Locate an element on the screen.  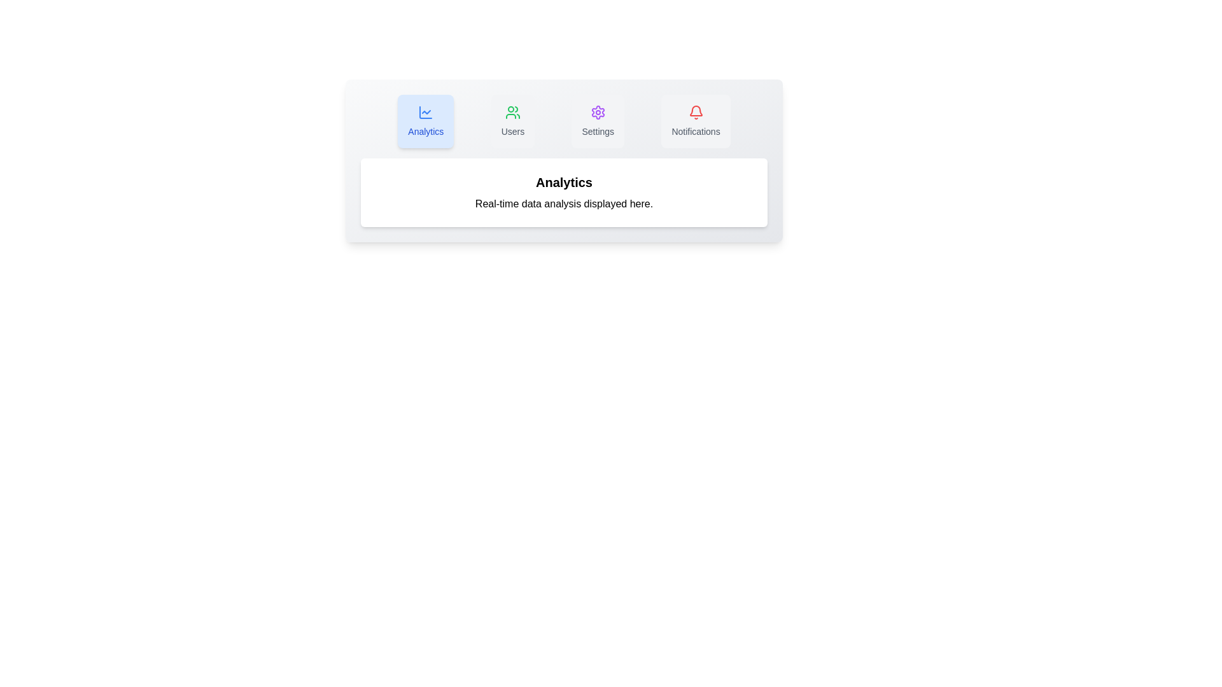
the Settings tab to switch to it is located at coordinates (597, 121).